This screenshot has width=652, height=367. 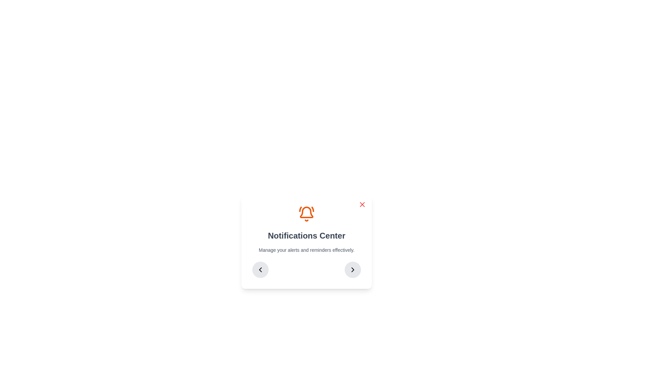 I want to click on the orange bell icon located at the top center of the Notifications Center panel, which is styled with a minimalist outline and filled with orange color, so click(x=306, y=213).